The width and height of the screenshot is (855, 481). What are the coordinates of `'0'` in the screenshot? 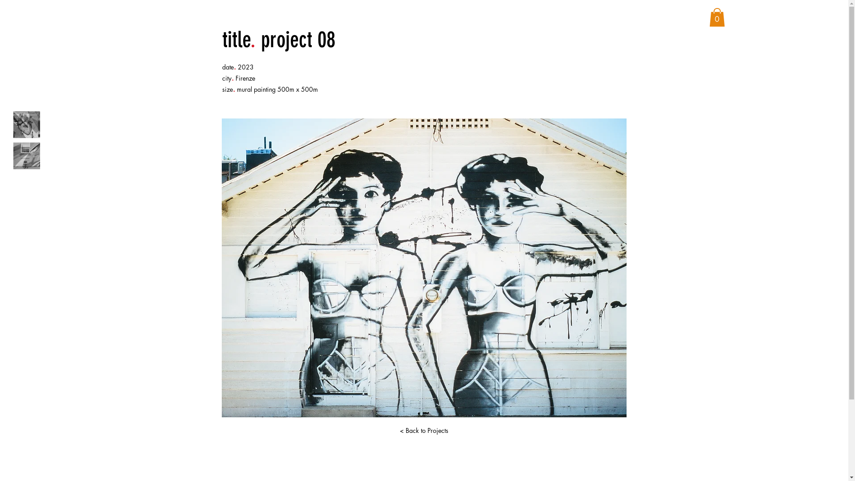 It's located at (717, 17).